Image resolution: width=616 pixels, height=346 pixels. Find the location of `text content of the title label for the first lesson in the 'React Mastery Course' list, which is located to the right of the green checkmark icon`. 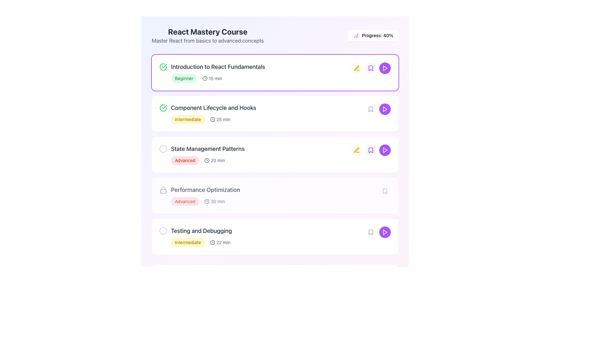

text content of the title label for the first lesson in the 'React Mastery Course' list, which is located to the right of the green checkmark icon is located at coordinates (218, 67).